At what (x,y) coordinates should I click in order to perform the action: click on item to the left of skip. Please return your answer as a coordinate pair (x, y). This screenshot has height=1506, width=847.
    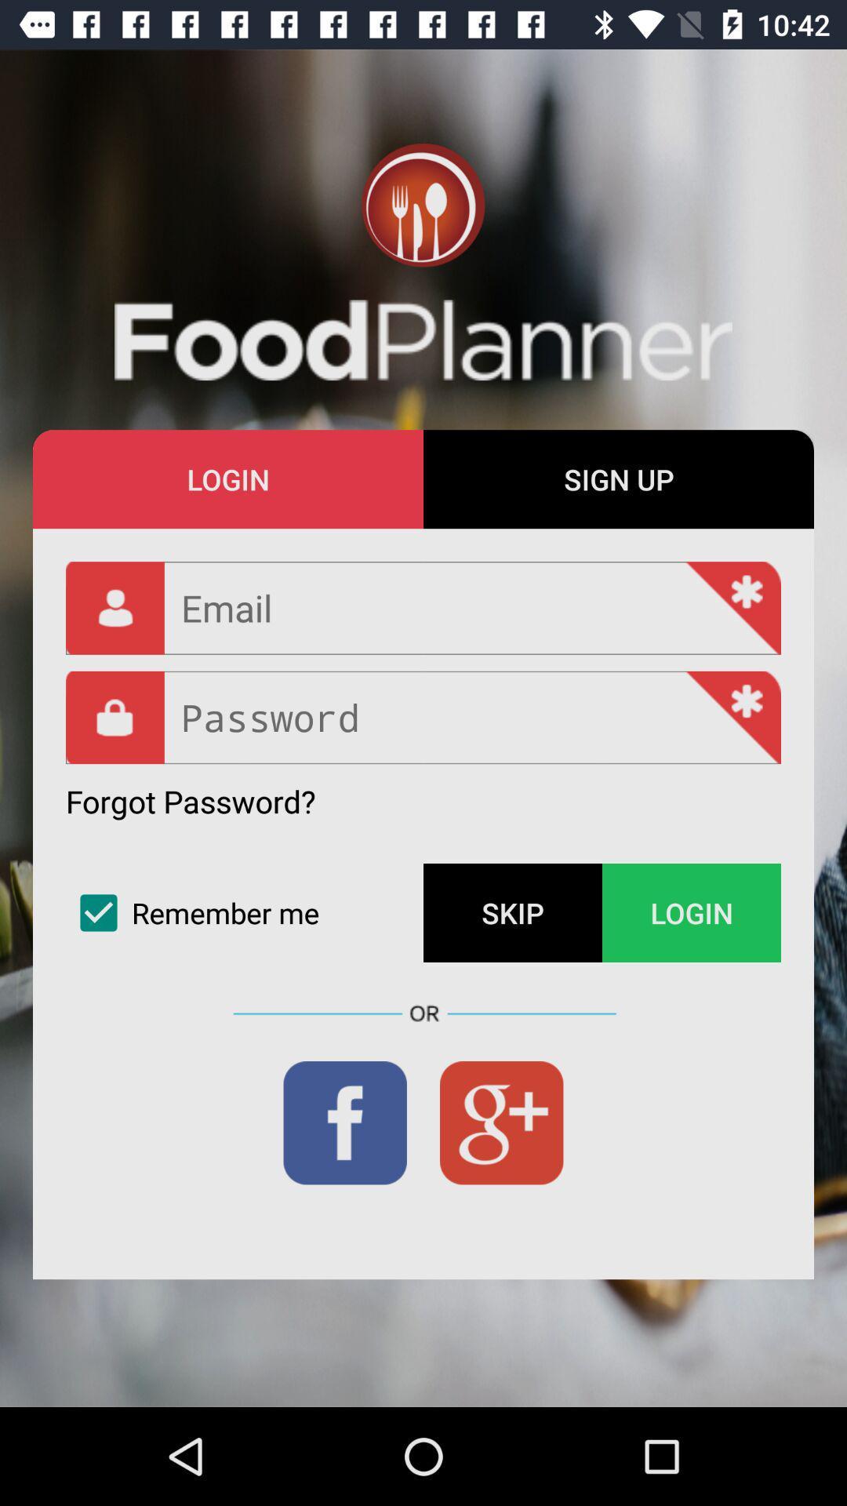
    Looking at the image, I should click on (245, 913).